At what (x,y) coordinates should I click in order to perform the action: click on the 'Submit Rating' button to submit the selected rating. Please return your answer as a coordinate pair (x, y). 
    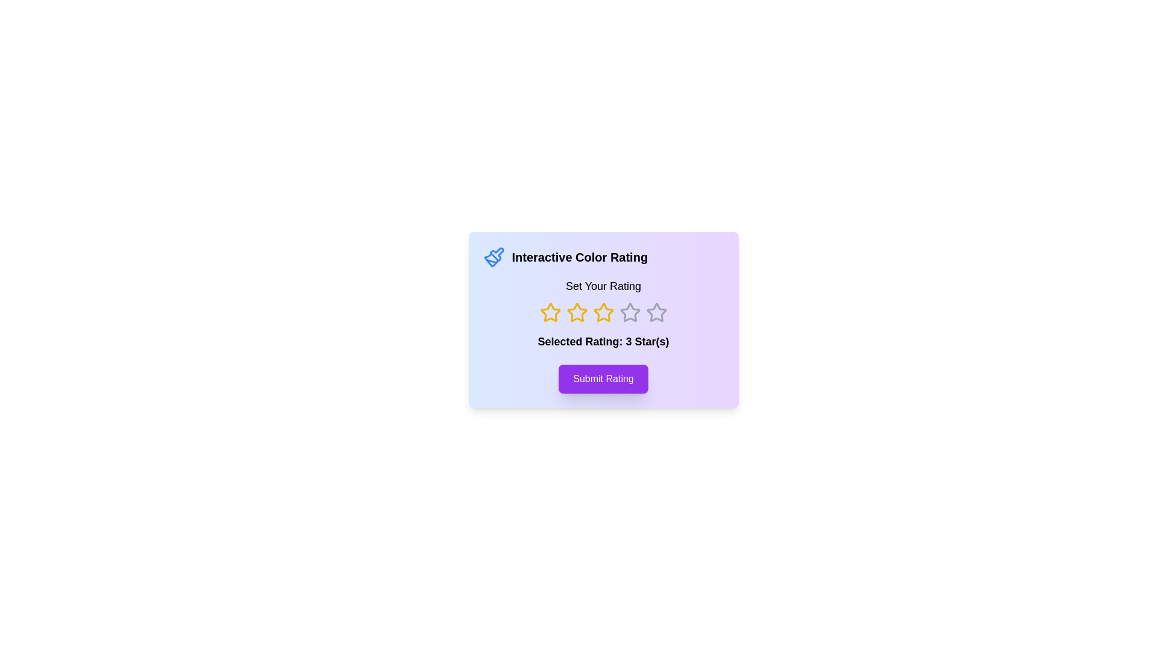
    Looking at the image, I should click on (603, 378).